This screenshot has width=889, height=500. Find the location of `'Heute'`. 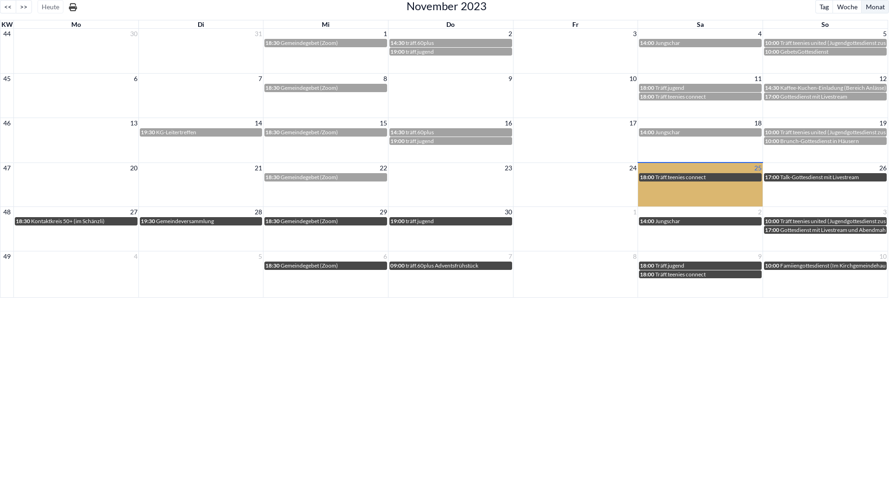

'Heute' is located at coordinates (50, 6).